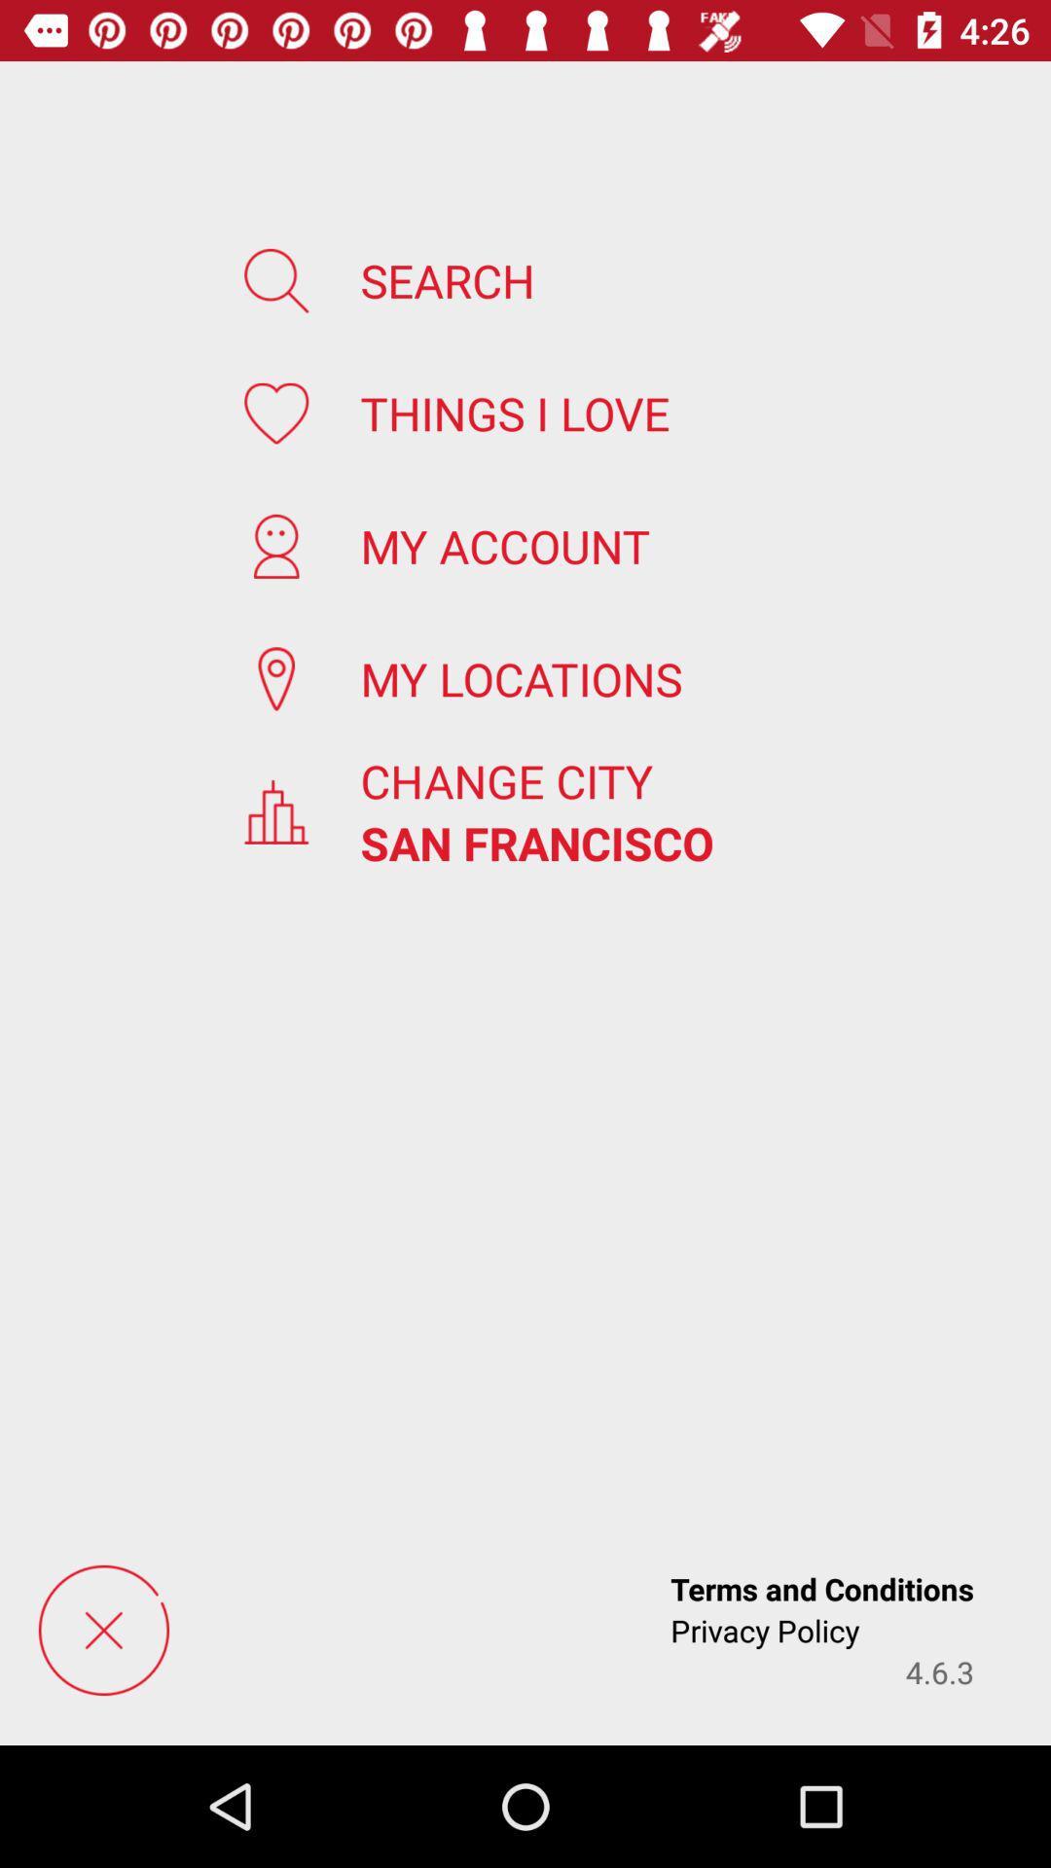 The width and height of the screenshot is (1051, 1868). Describe the element at coordinates (514, 412) in the screenshot. I see `things i love app` at that location.